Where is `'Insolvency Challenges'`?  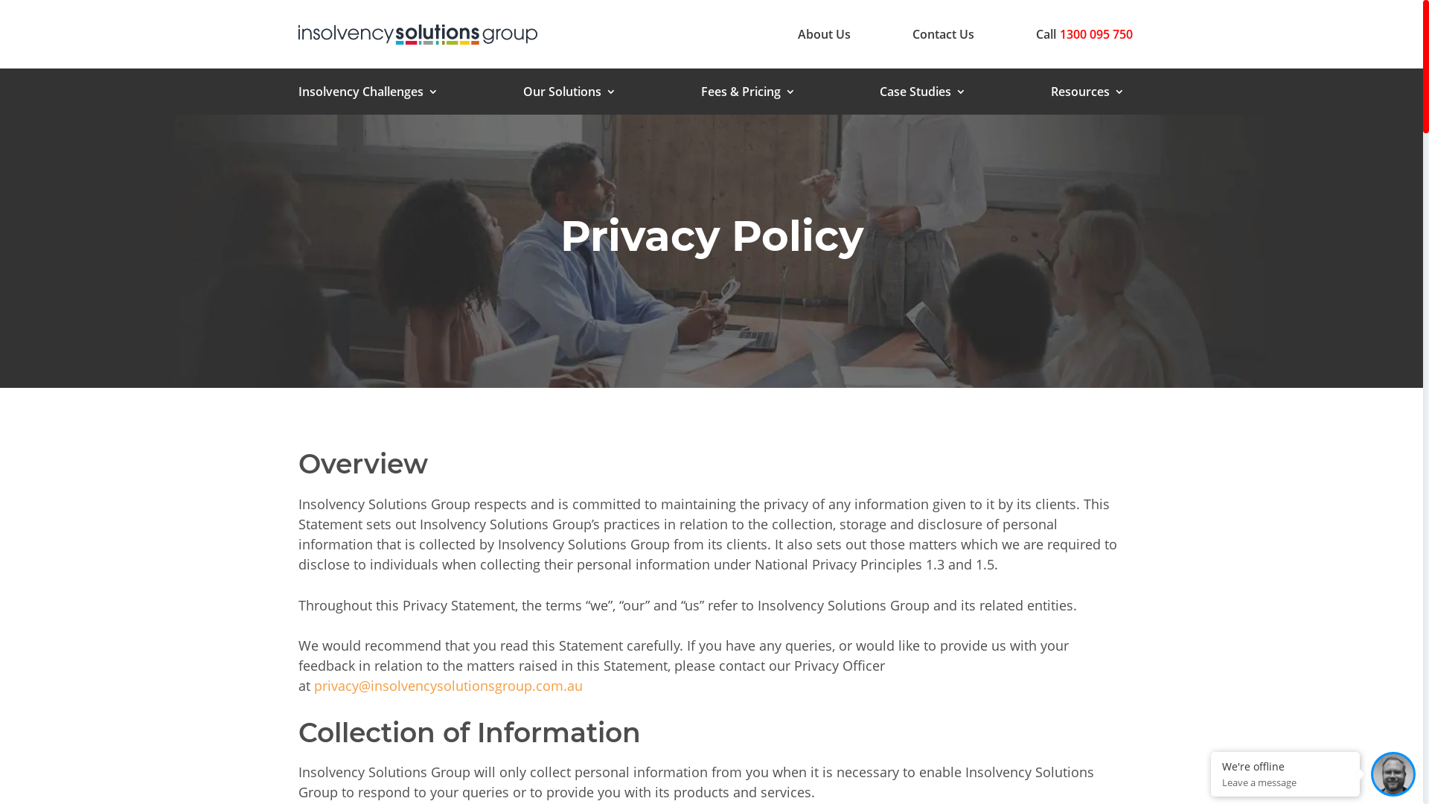 'Insolvency Challenges' is located at coordinates (298, 95).